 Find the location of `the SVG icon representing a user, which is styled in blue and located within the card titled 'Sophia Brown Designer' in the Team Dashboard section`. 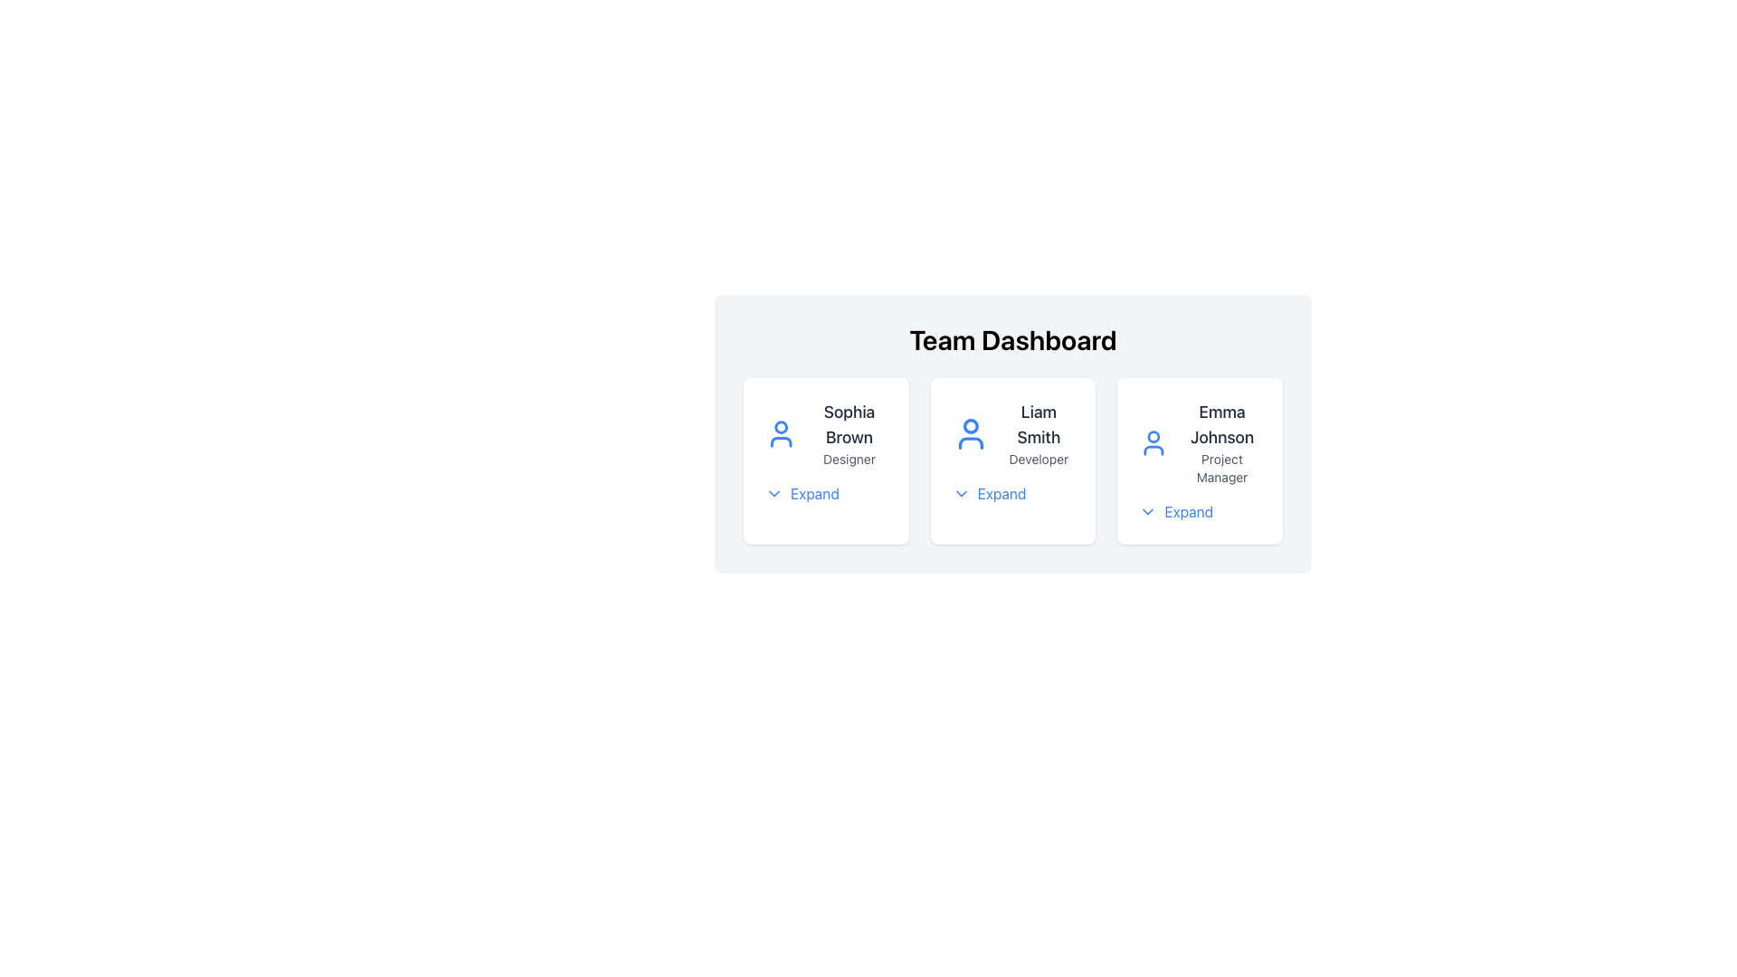

the SVG icon representing a user, which is styled in blue and located within the card titled 'Sophia Brown Designer' in the Team Dashboard section is located at coordinates (781, 433).